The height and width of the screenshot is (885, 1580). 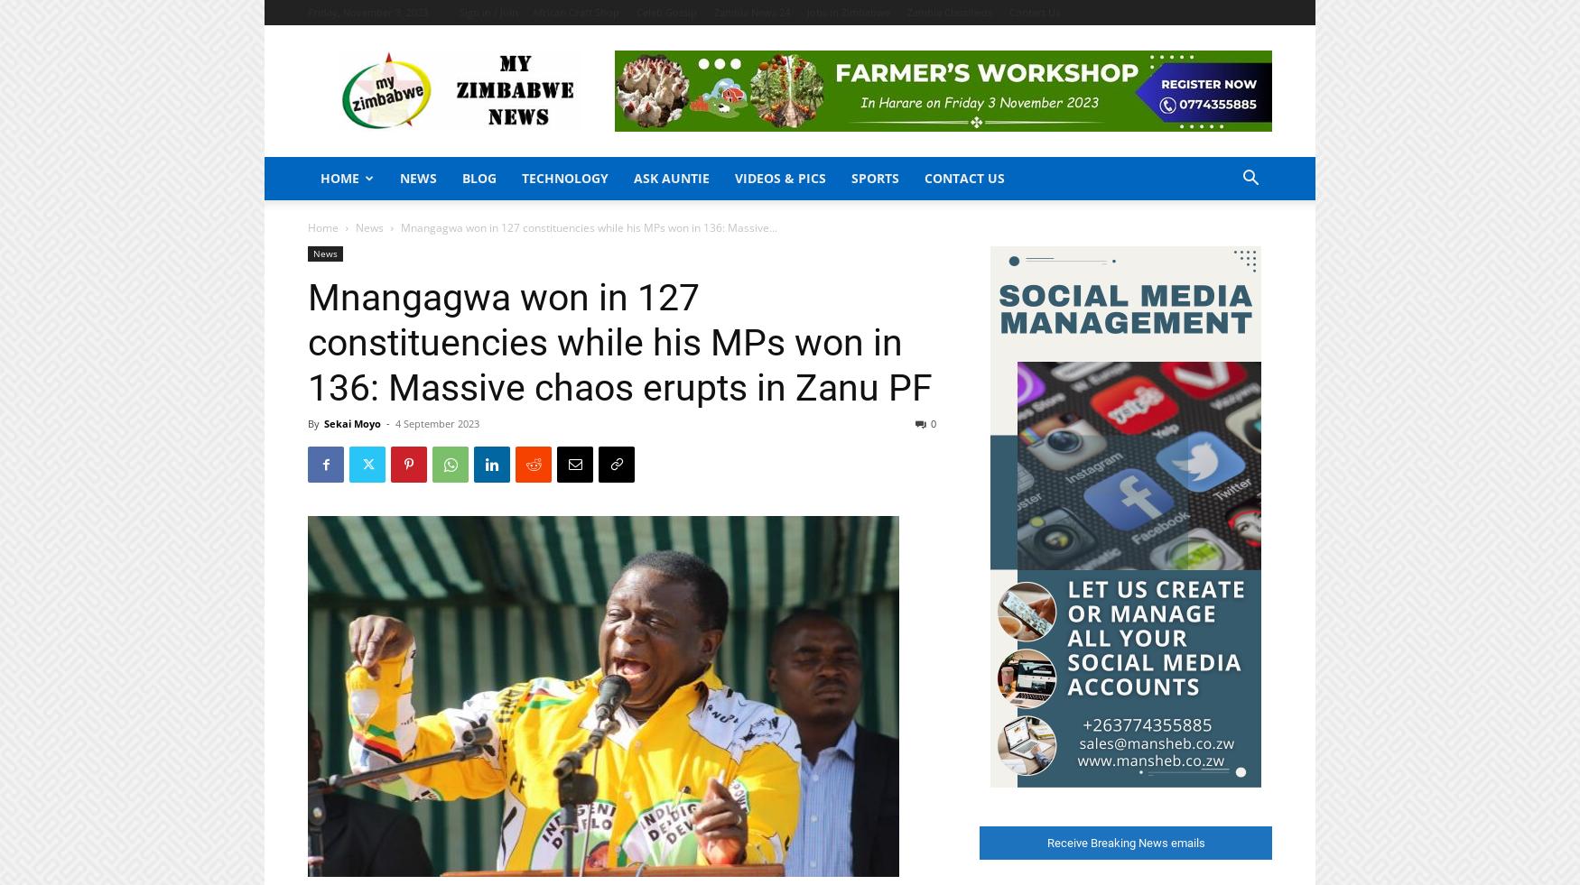 What do you see at coordinates (383, 422) in the screenshot?
I see `'-'` at bounding box center [383, 422].